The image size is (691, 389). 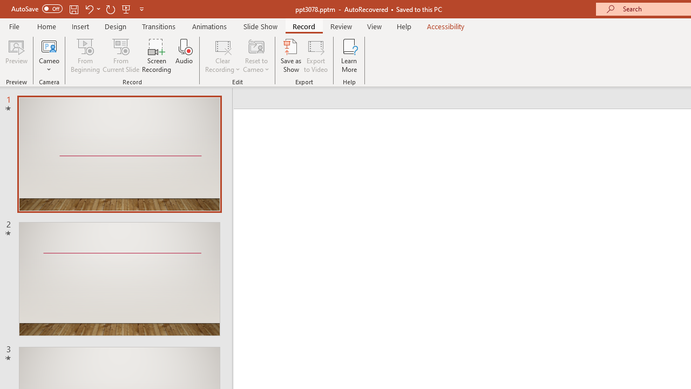 I want to click on 'Export to Video', so click(x=315, y=56).